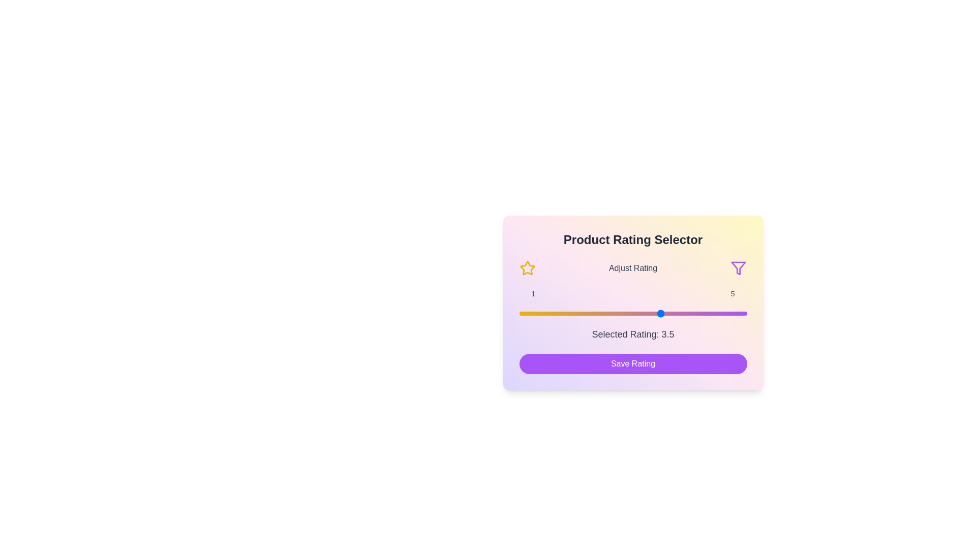 The height and width of the screenshot is (549, 976). I want to click on the rating slider to set the rating to 4, so click(690, 313).